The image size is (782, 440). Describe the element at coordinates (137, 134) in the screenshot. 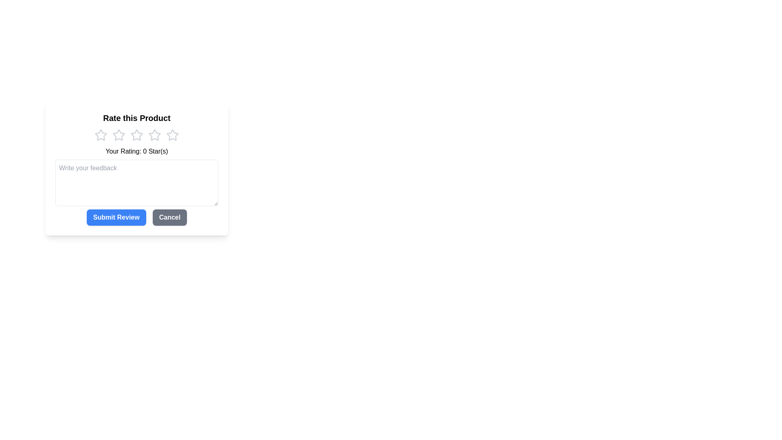

I see `the second star in the horizontal group of five stars in the 'Rate this Product' modal` at that location.